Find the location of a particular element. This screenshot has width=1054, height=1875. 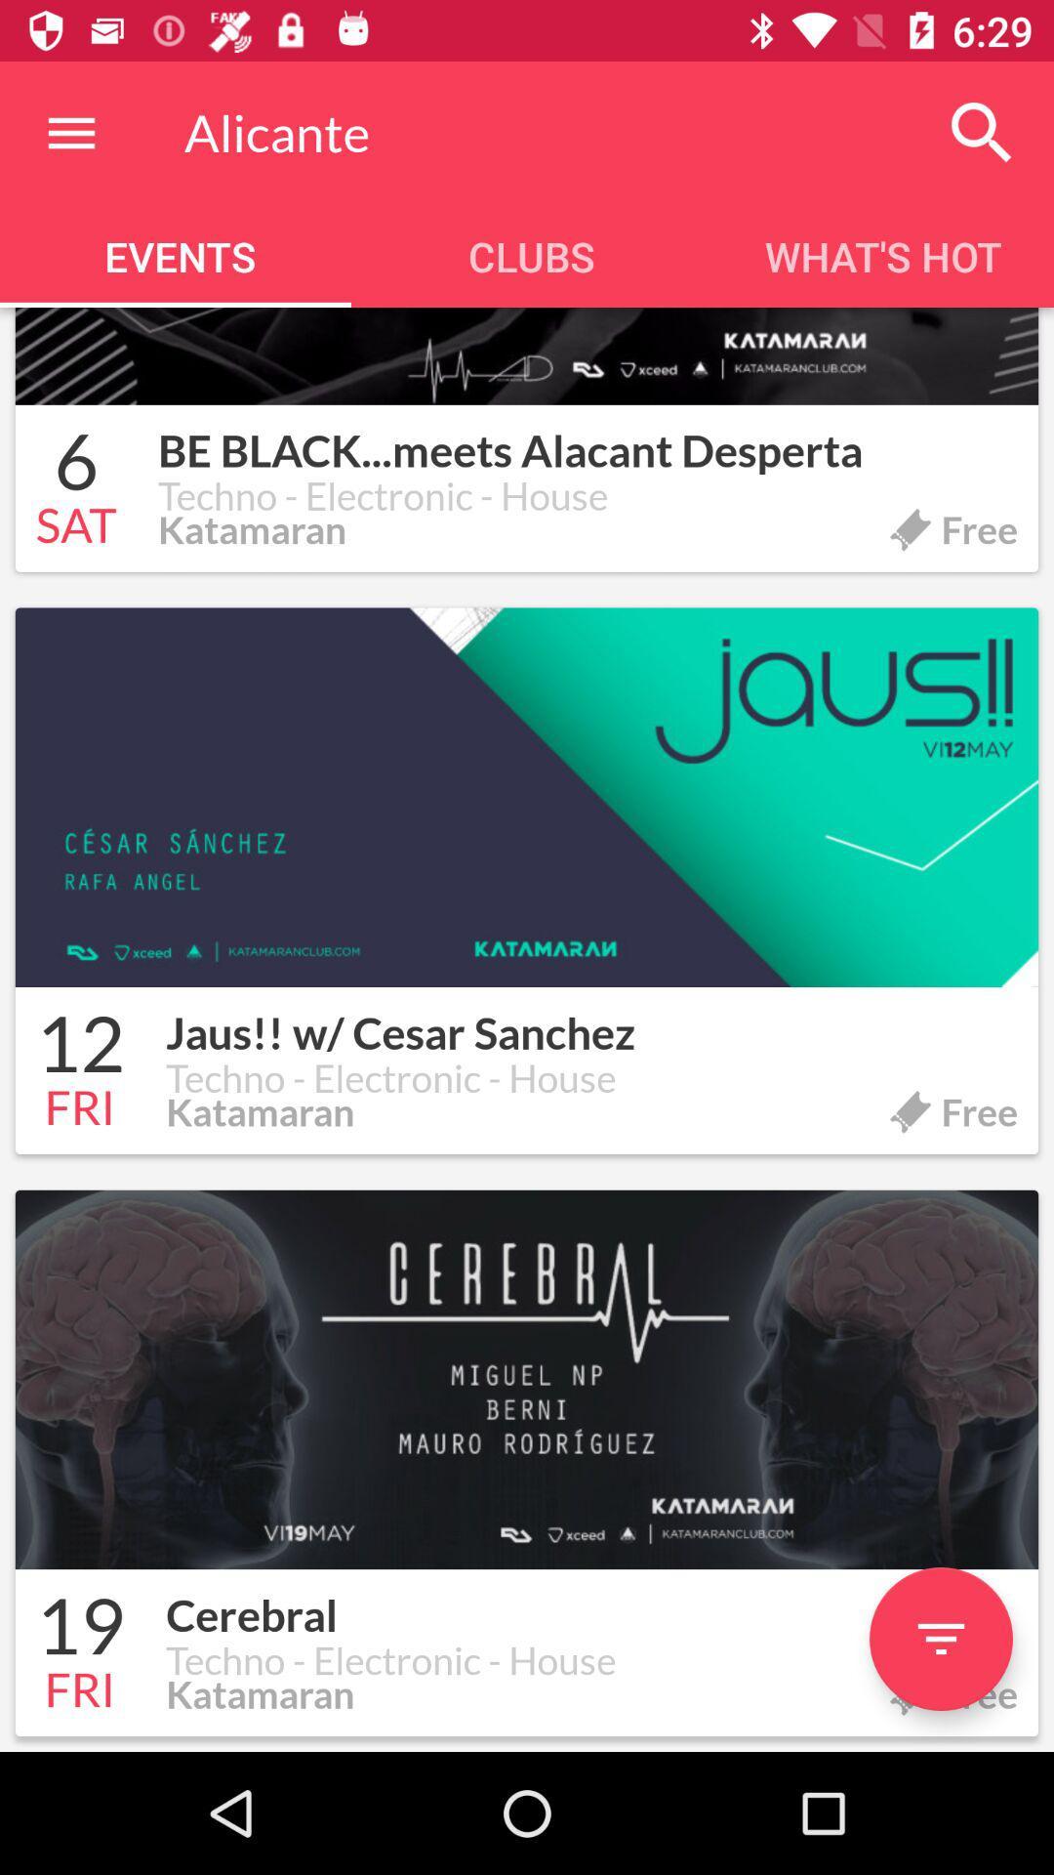

icon next to the jaus w cesar is located at coordinates (79, 1046).